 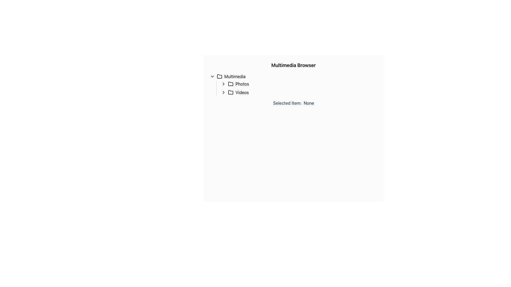 I want to click on the folder icon representing the 'Multimedia' directory, so click(x=220, y=77).